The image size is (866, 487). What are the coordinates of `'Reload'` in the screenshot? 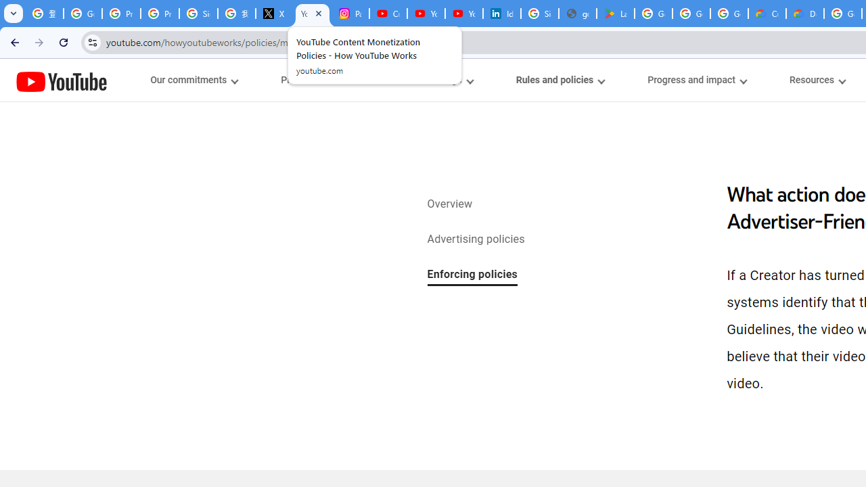 It's located at (63, 41).